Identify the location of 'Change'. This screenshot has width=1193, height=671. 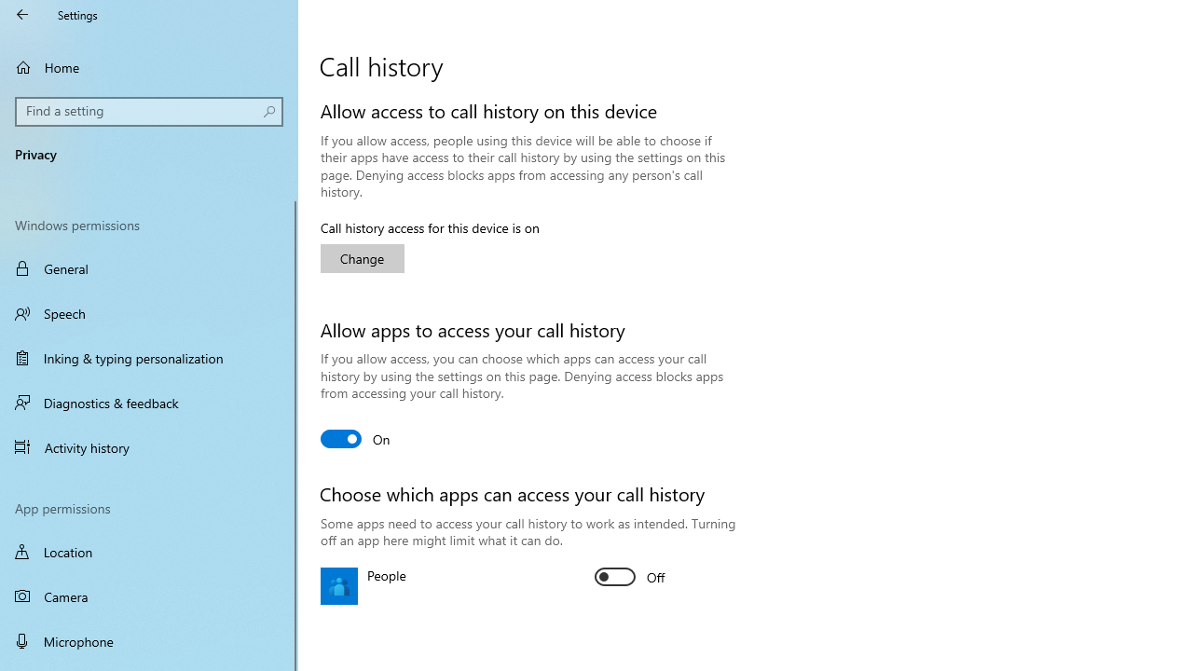
(363, 258).